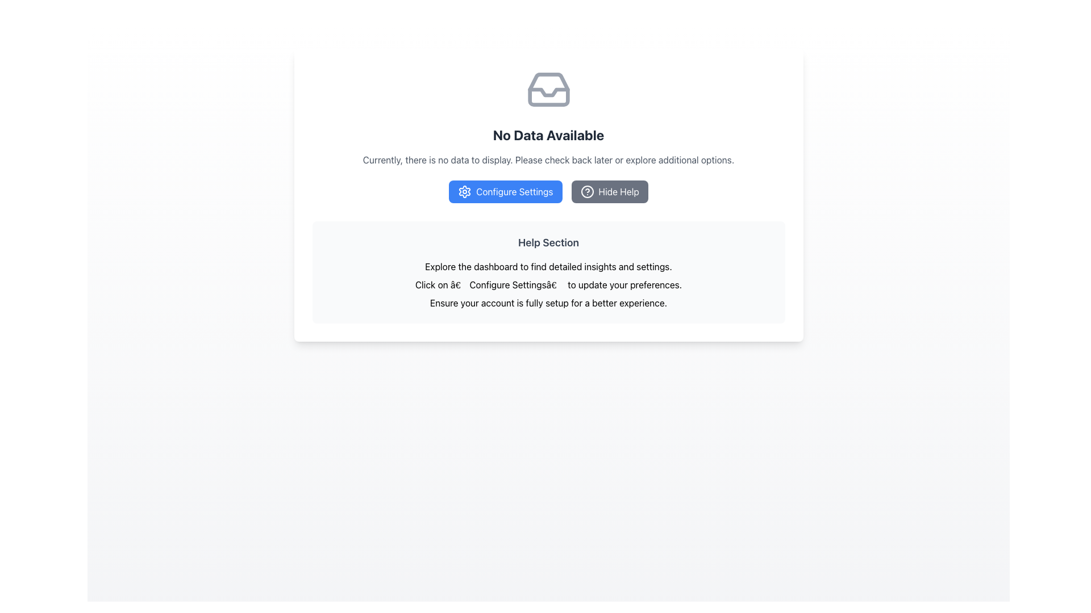 The image size is (1091, 613). I want to click on the inbox icon that represents the empty state, which is positioned above the 'No Data Available' text, so click(548, 89).